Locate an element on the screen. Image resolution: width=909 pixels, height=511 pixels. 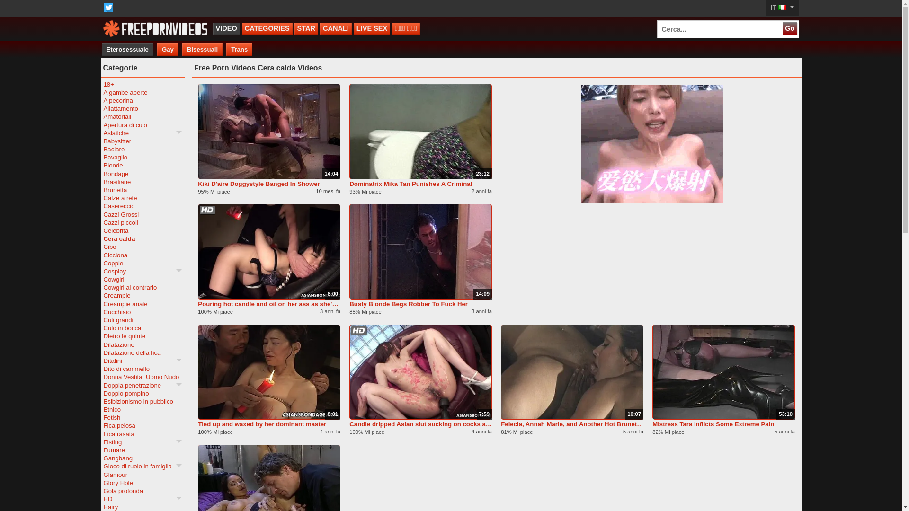
'Gangbang' is located at coordinates (103, 458).